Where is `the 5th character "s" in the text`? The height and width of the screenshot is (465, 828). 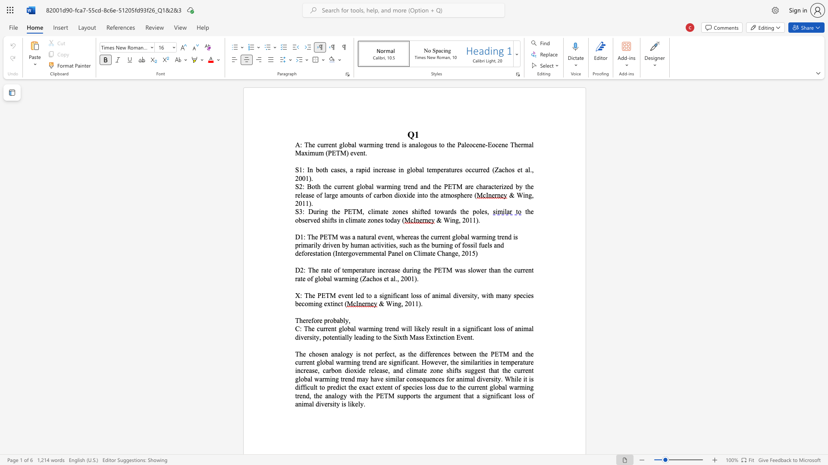 the 5th character "s" in the text is located at coordinates (513, 170).